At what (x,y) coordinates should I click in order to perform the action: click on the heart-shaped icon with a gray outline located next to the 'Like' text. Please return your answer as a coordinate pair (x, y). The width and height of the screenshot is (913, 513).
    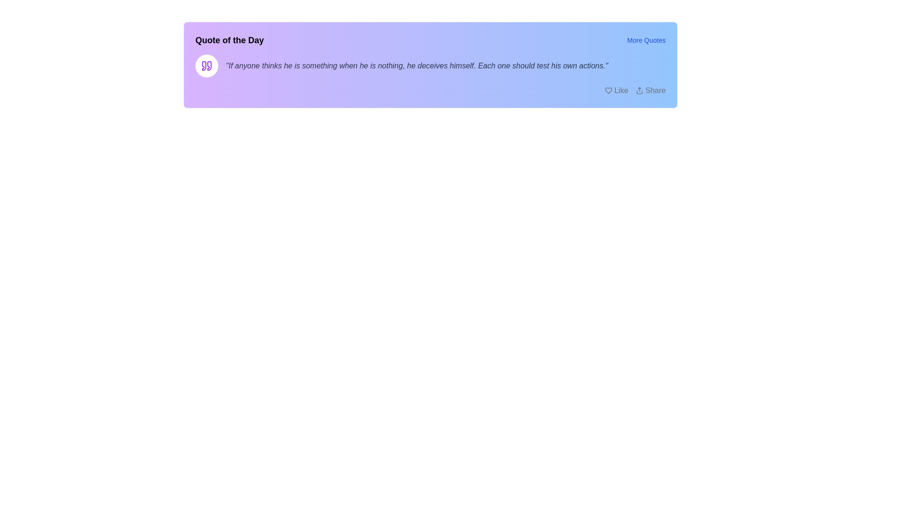
    Looking at the image, I should click on (608, 91).